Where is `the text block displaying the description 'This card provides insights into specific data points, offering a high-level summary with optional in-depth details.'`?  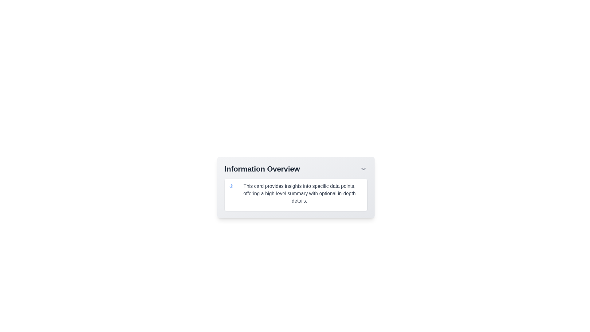
the text block displaying the description 'This card provides insights into specific data points, offering a high-level summary with optional in-depth details.' is located at coordinates (296, 193).